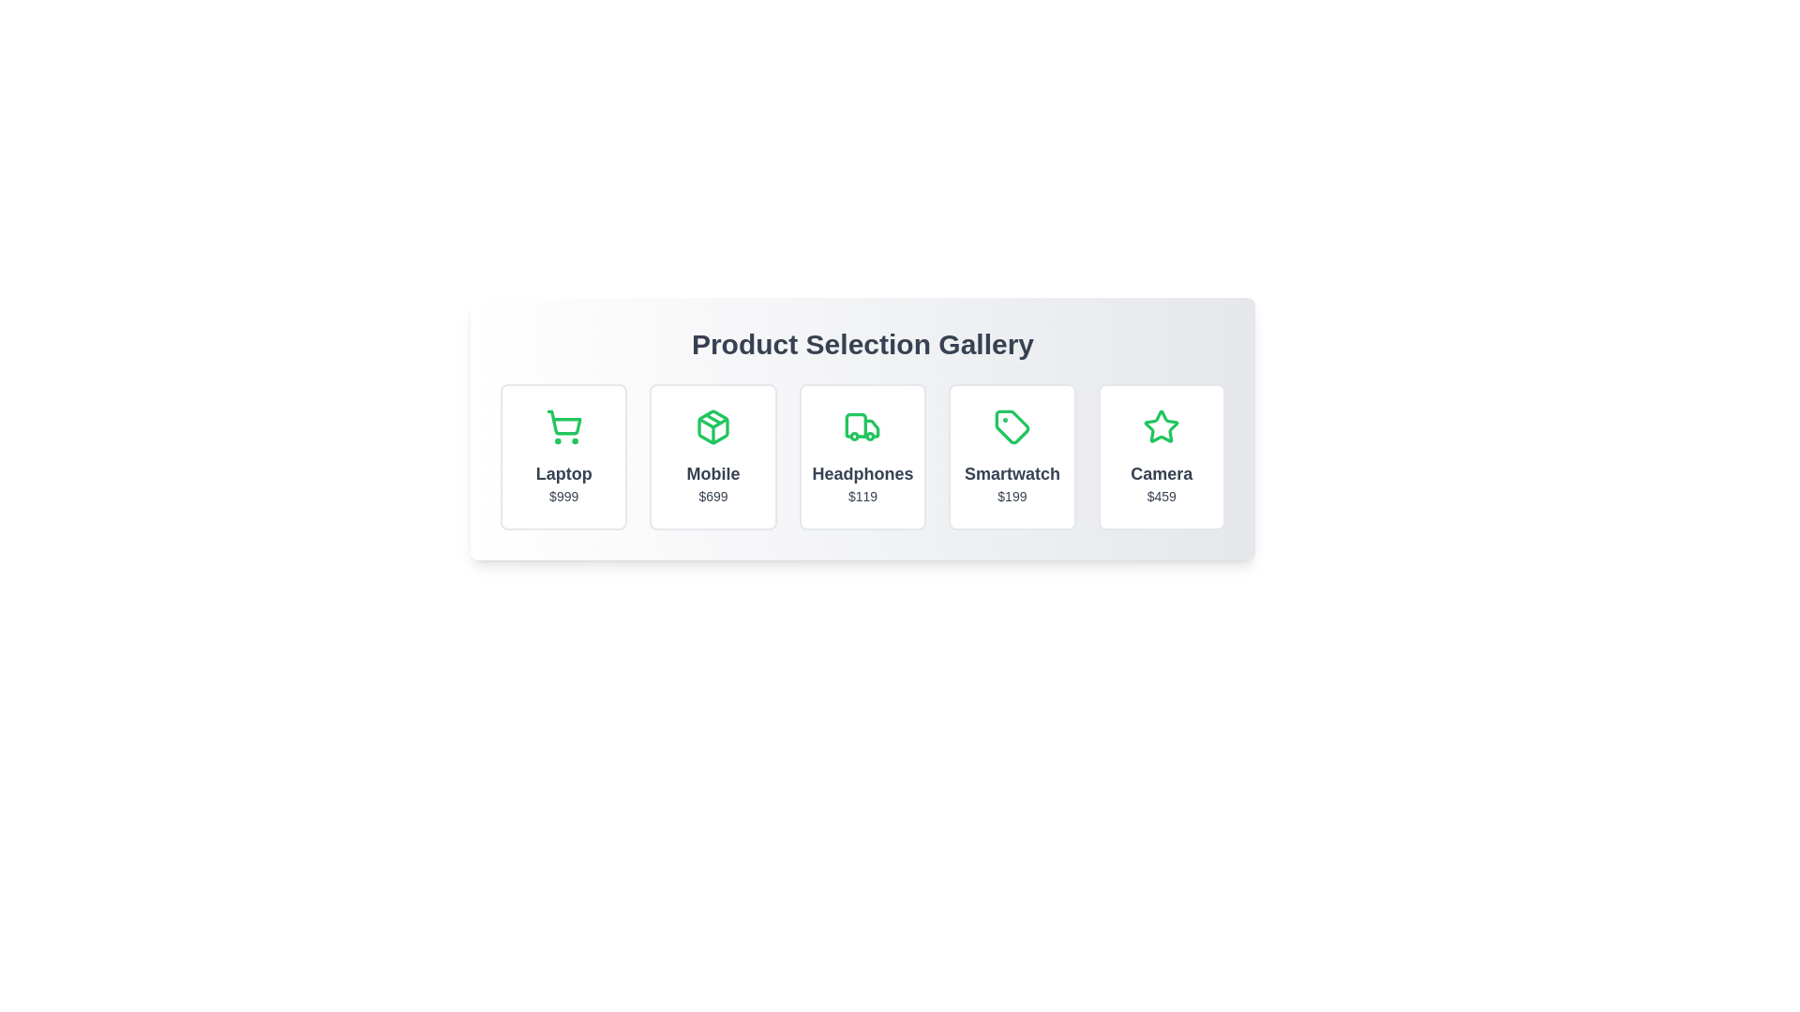 The image size is (1800, 1012). I want to click on the 'Smartwatch' text label, so click(1011, 472).